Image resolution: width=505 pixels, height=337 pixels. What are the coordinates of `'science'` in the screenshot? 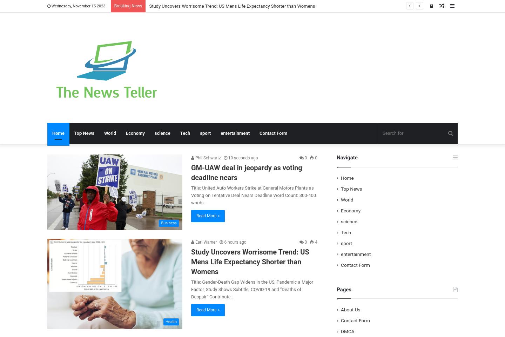 It's located at (349, 220).